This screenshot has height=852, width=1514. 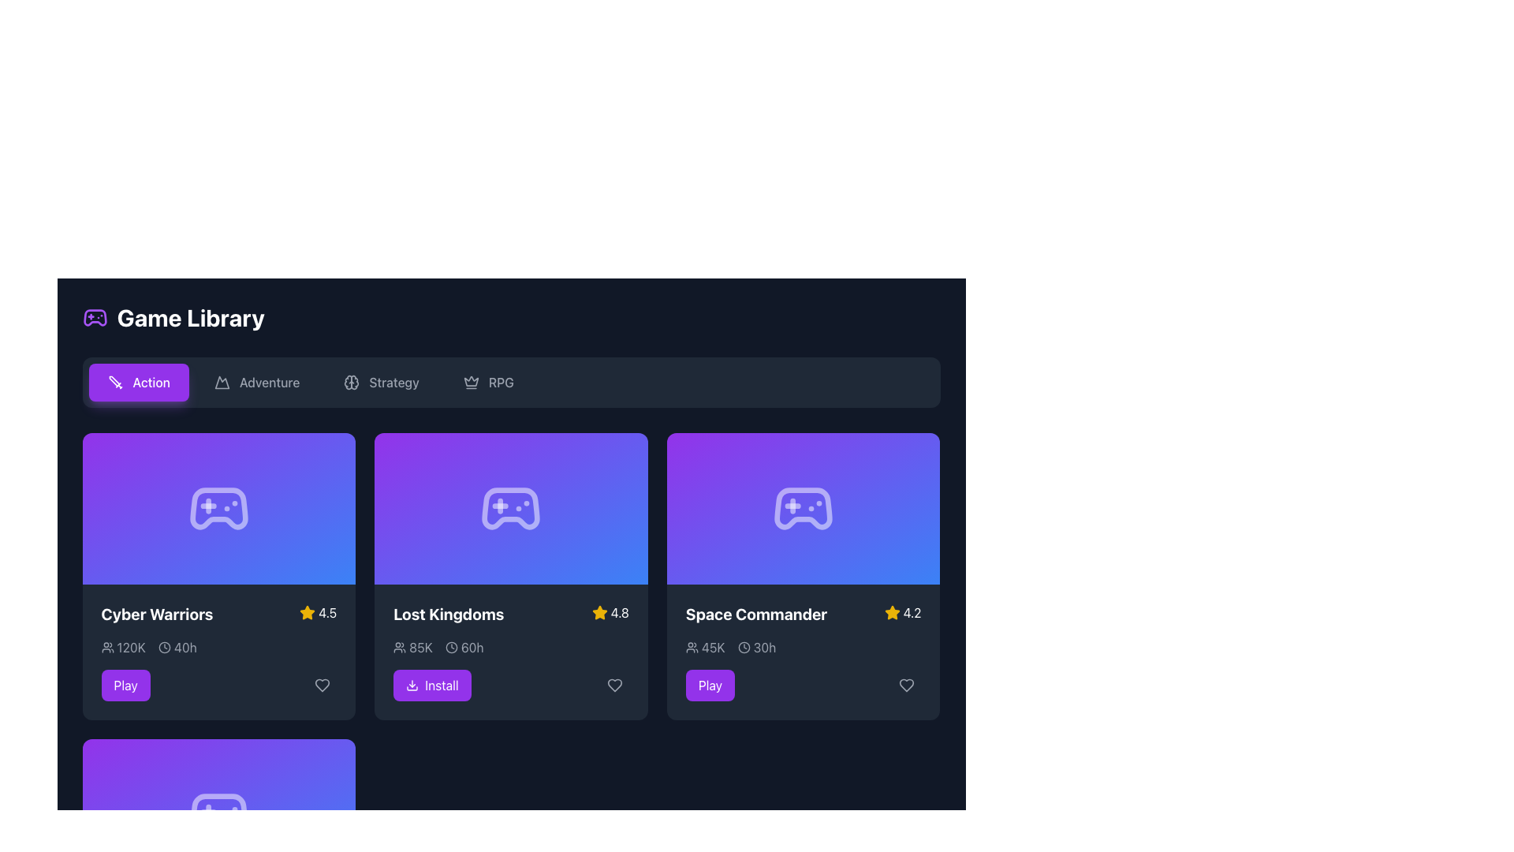 I want to click on the user-related statistic displayed as '45K' in bold text, located, so click(x=712, y=648).